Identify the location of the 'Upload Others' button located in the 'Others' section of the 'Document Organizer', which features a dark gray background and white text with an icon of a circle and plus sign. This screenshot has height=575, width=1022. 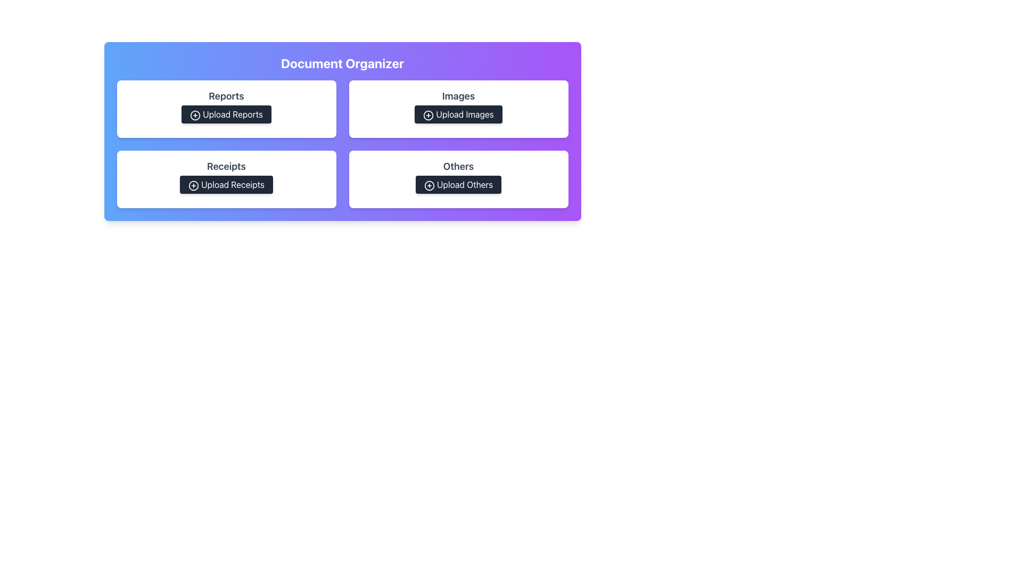
(458, 184).